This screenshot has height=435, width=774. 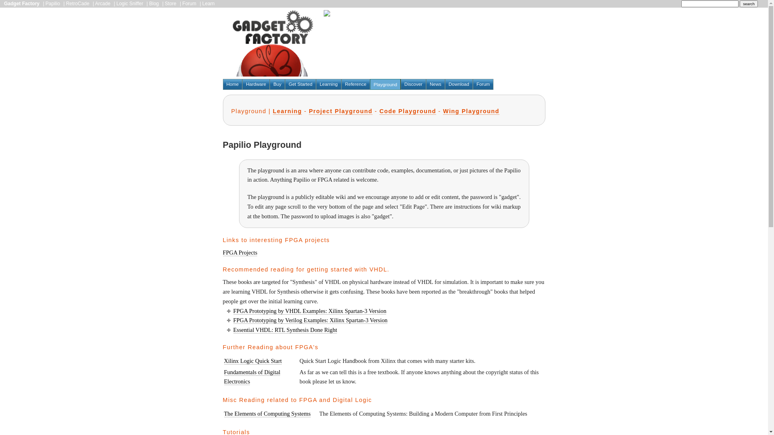 I want to click on 'Essential VHDL: RTL Synthesis Done Right', so click(x=285, y=330).